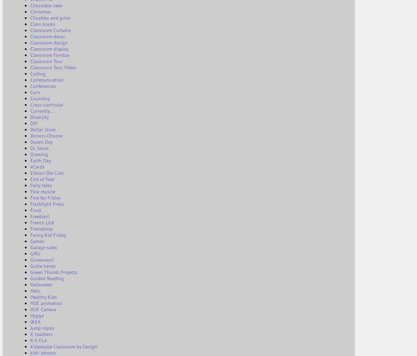 The height and width of the screenshot is (356, 417). Describe the element at coordinates (47, 278) in the screenshot. I see `'Guided Reading'` at that location.